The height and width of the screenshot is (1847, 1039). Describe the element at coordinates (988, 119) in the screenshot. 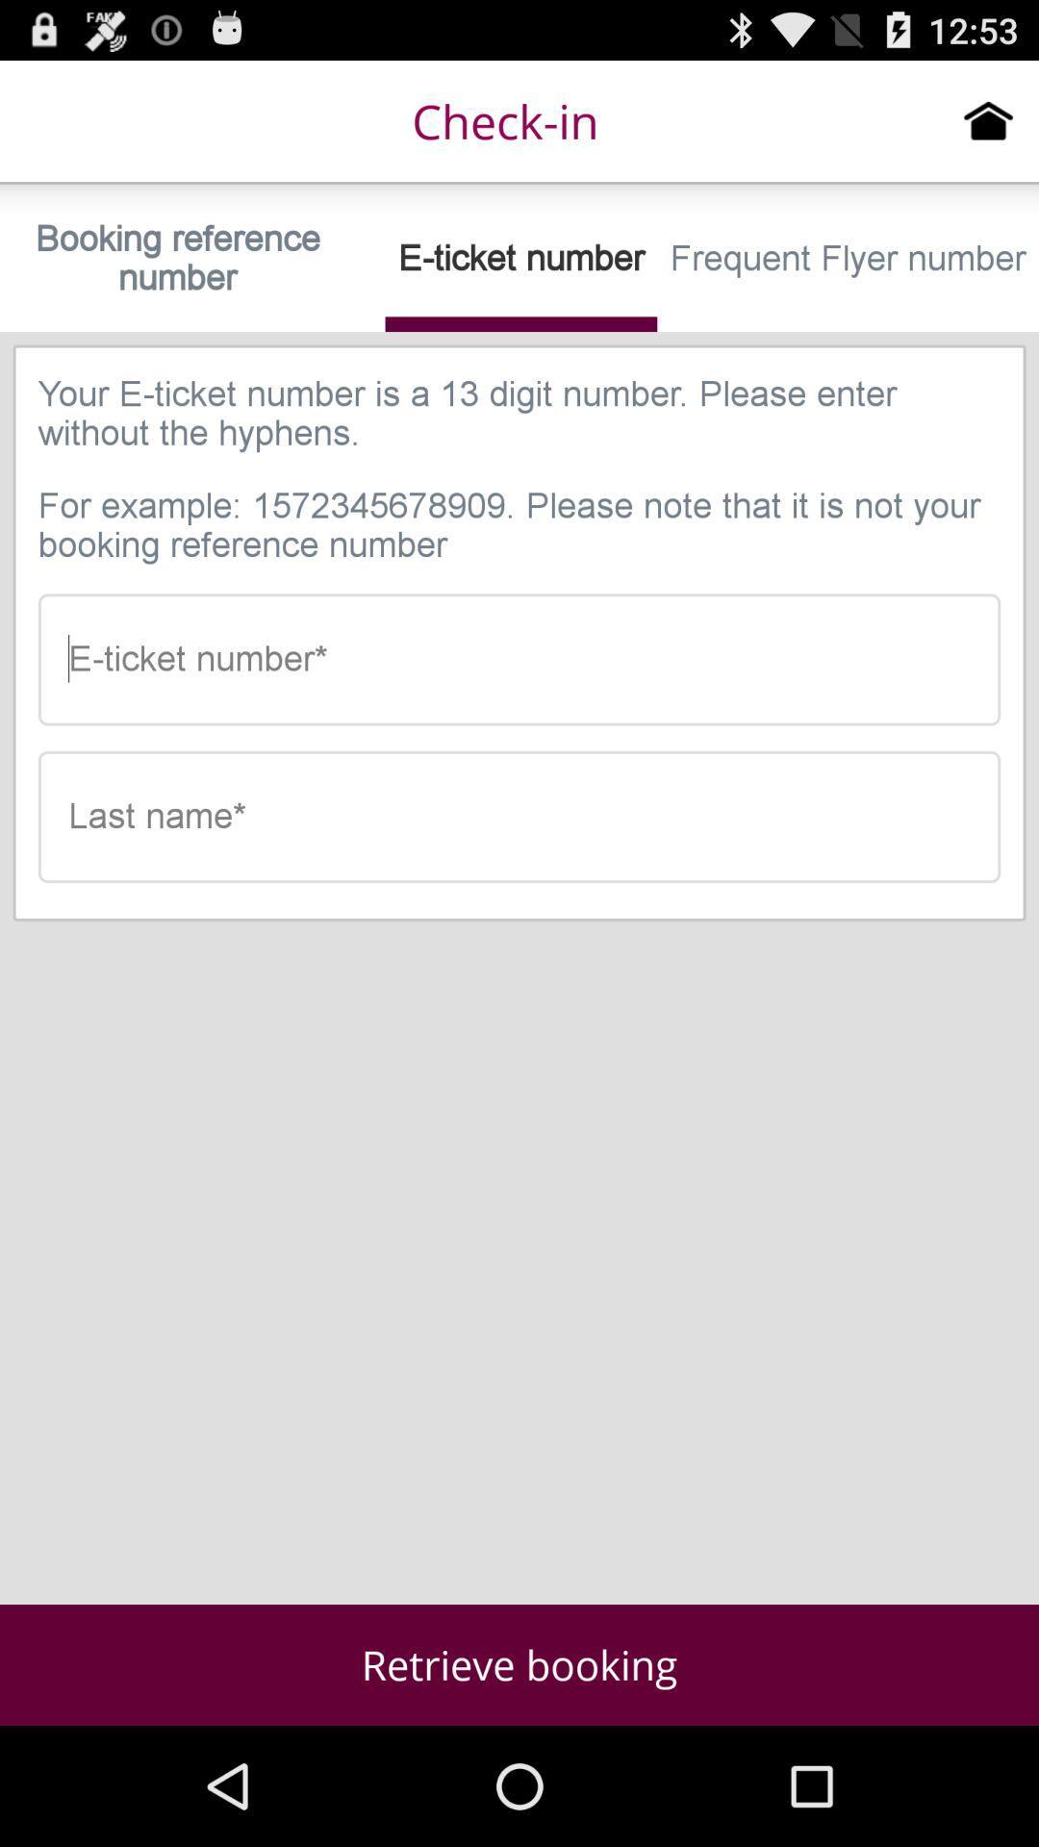

I see `item above frequent flyer number` at that location.